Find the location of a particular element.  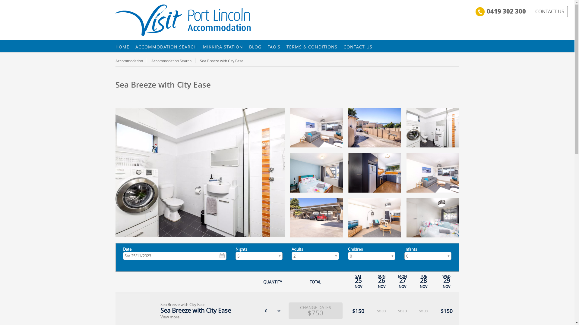

'NOV' is located at coordinates (370, 286).